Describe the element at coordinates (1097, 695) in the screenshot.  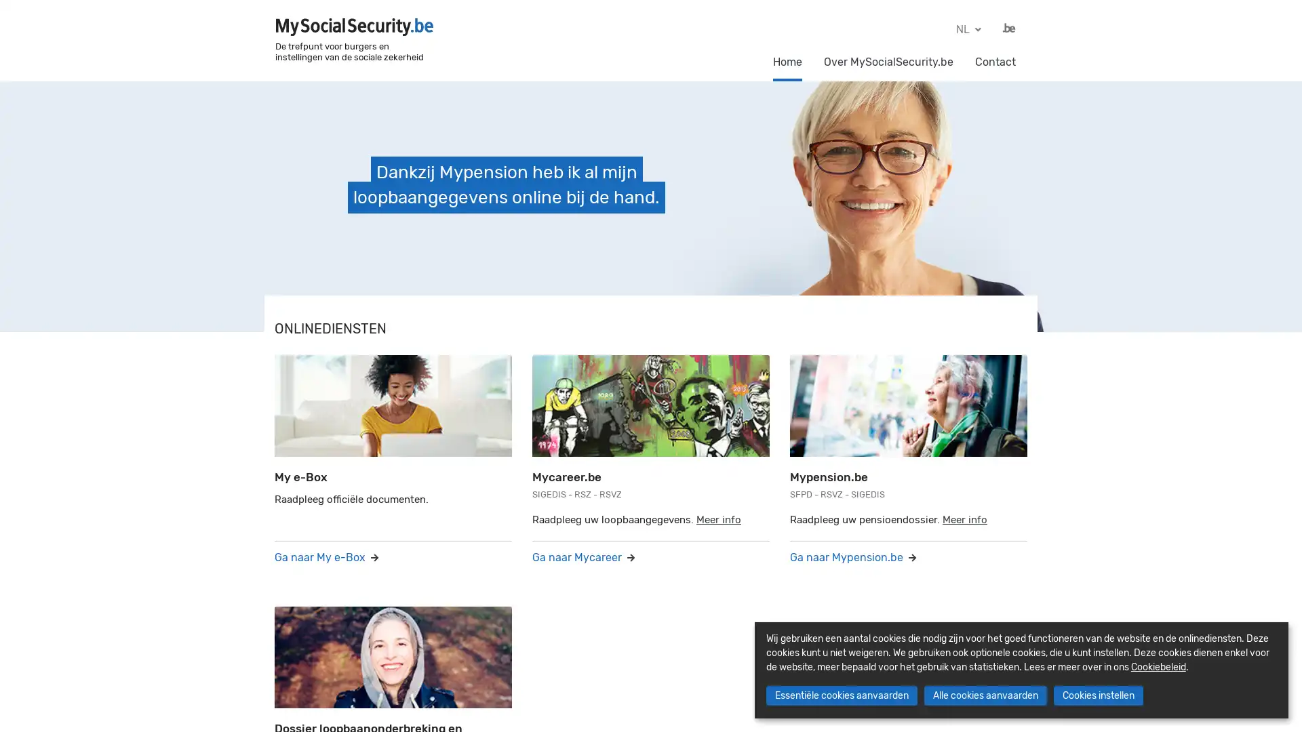
I see `Cookies instellen` at that location.